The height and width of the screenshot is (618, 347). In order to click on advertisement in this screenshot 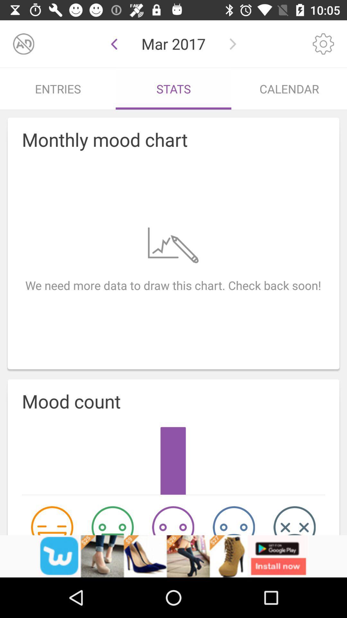, I will do `click(173, 556)`.